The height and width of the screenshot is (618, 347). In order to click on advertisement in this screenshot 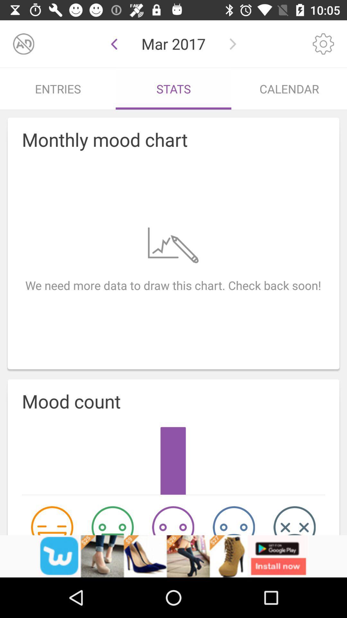, I will do `click(173, 556)`.